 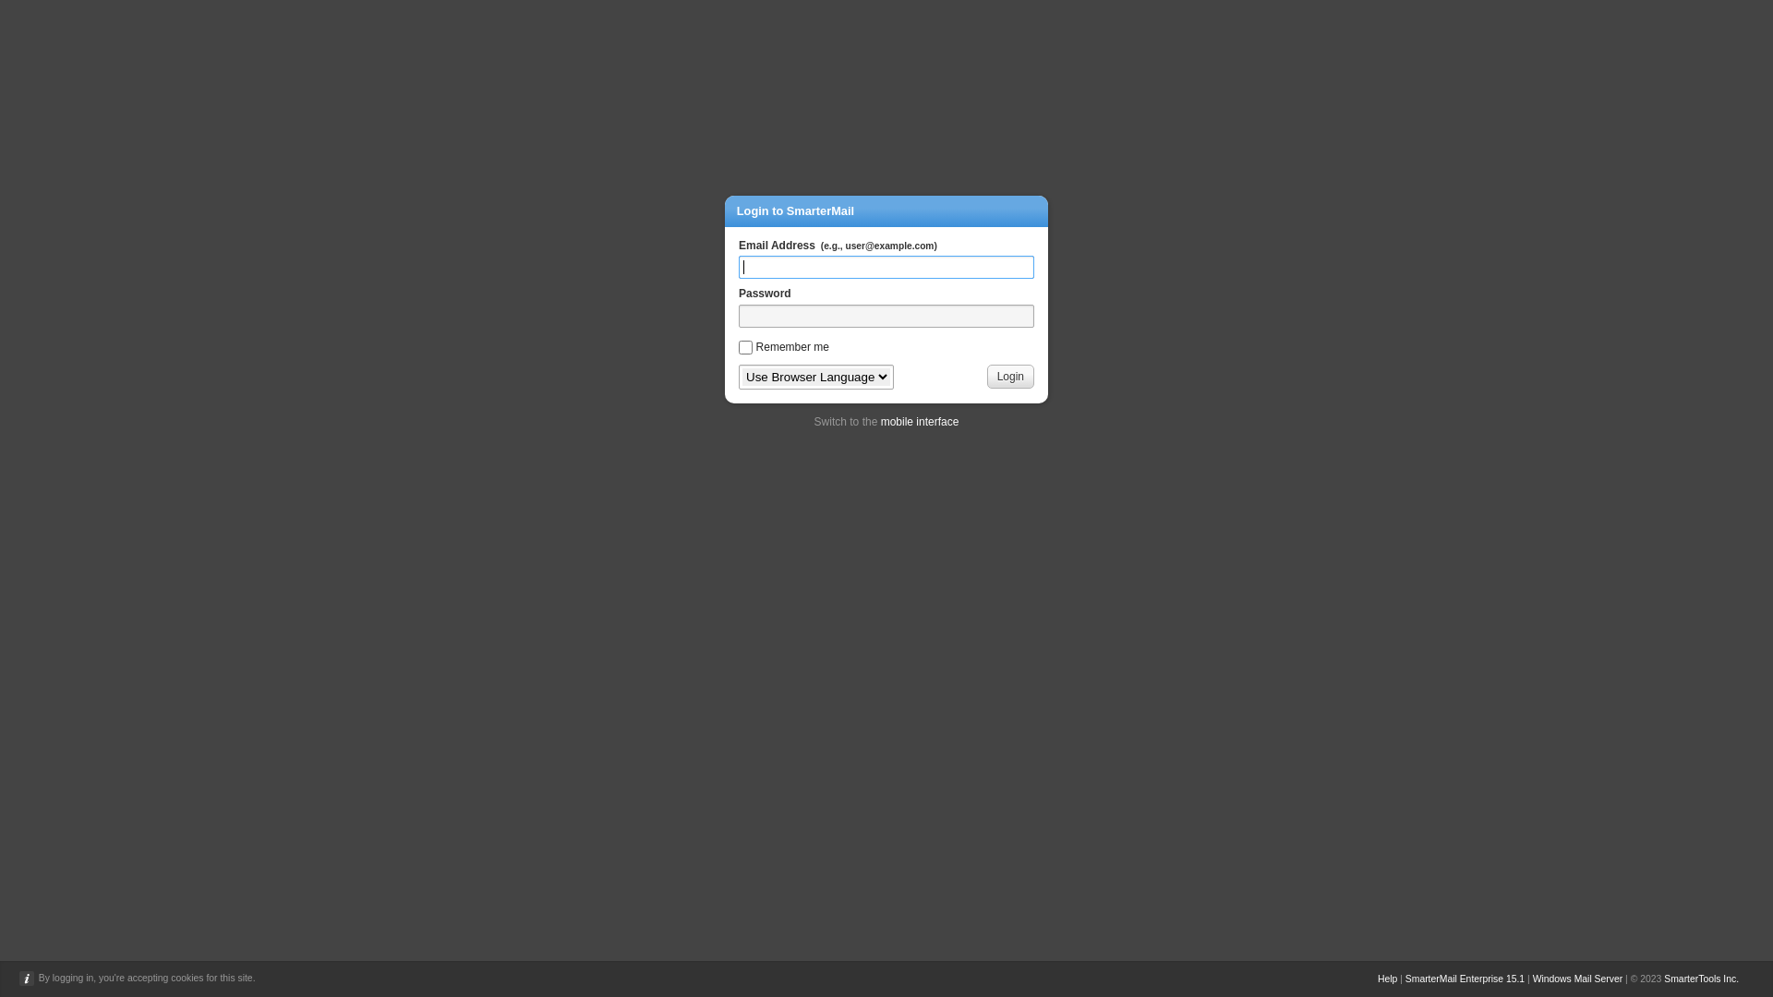 What do you see at coordinates (1700, 978) in the screenshot?
I see `'SmarterTools Inc.'` at bounding box center [1700, 978].